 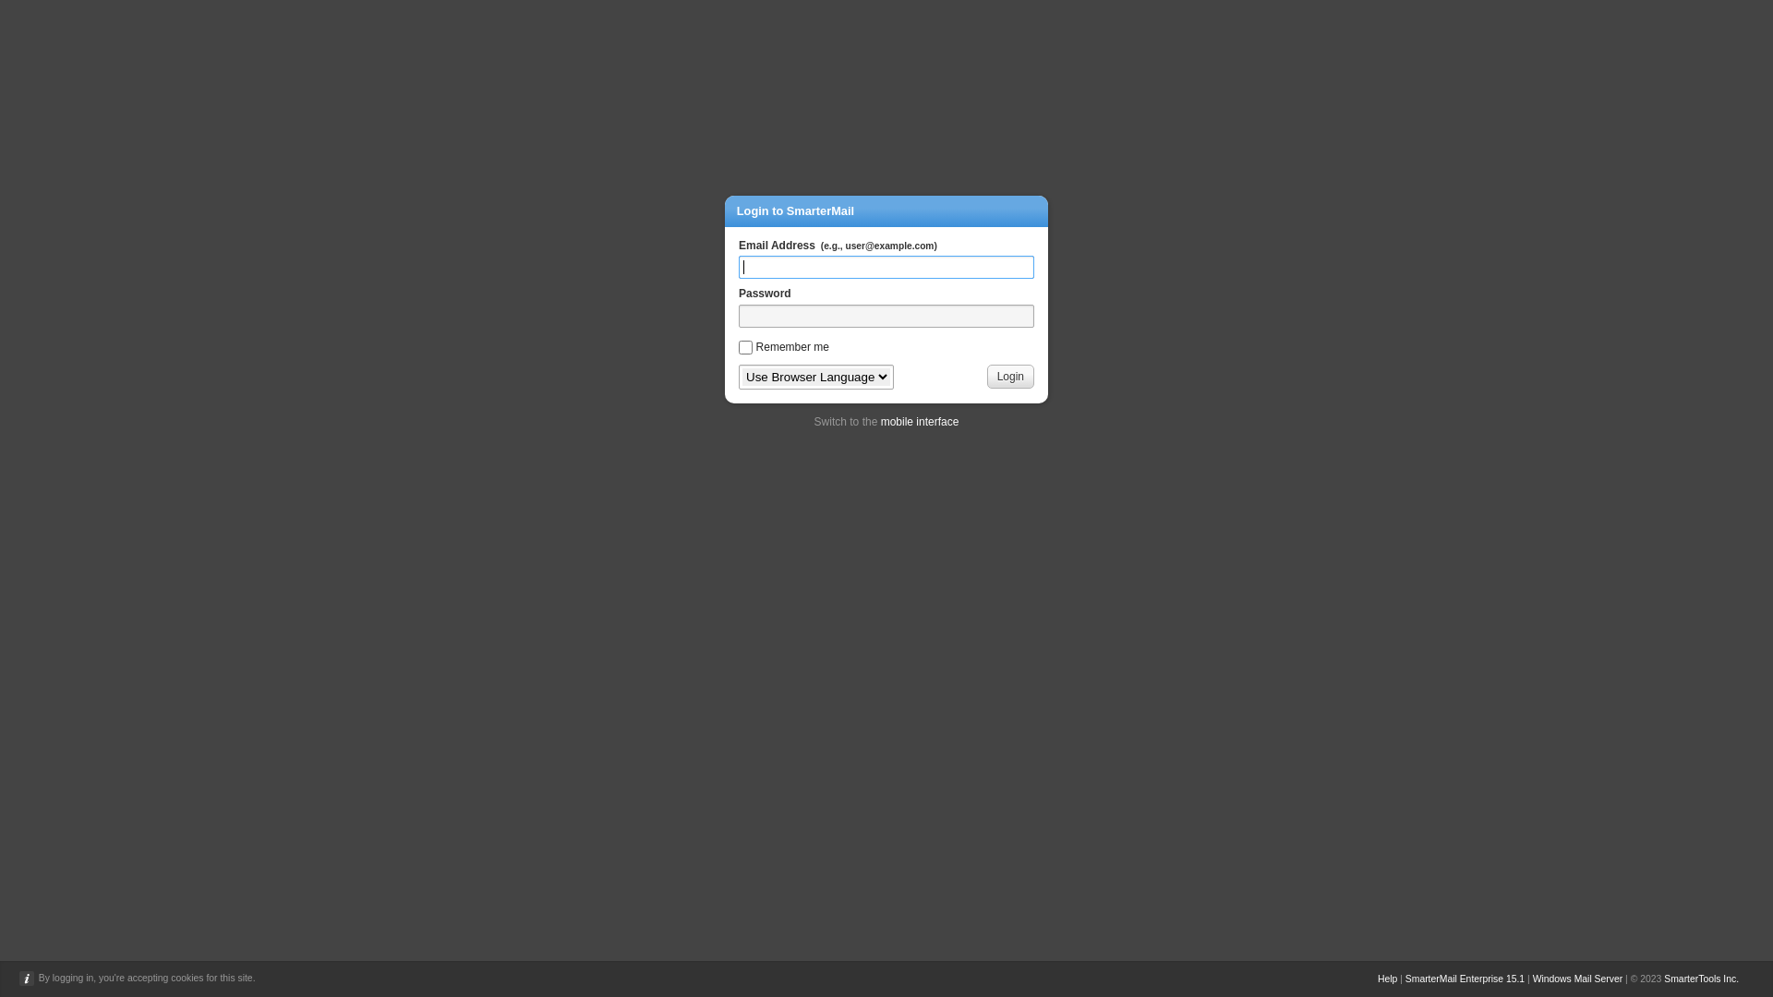 What do you see at coordinates (1700, 978) in the screenshot?
I see `'SmarterTools Inc.'` at bounding box center [1700, 978].